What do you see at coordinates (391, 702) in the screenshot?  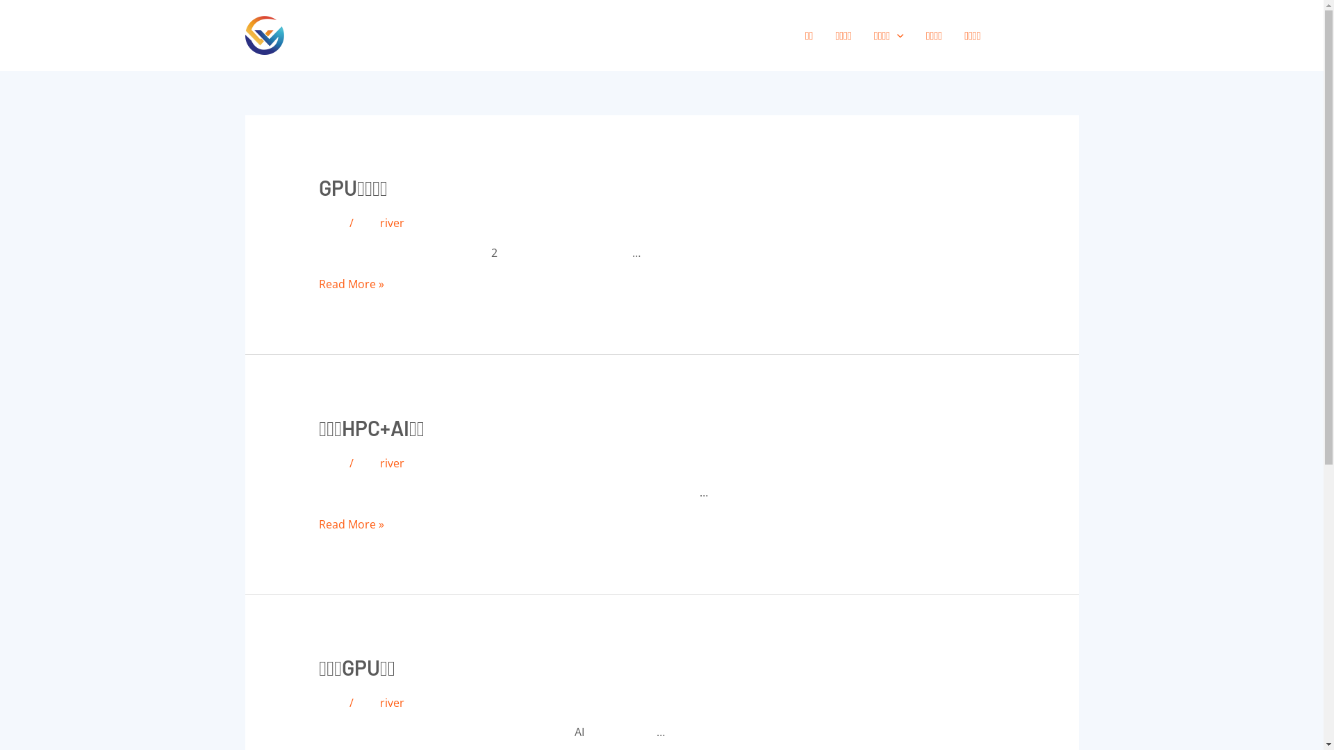 I see `'river'` at bounding box center [391, 702].